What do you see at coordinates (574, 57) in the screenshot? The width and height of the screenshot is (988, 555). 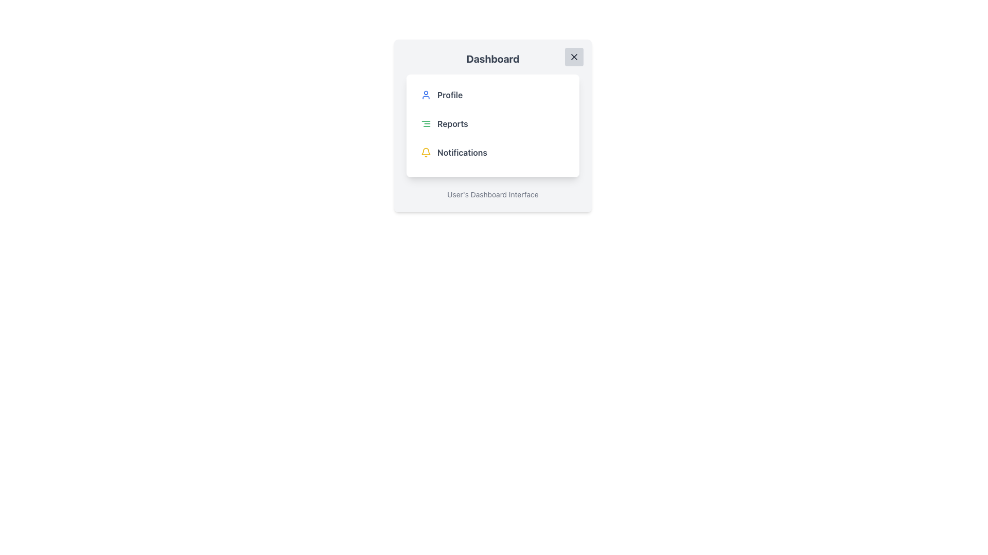 I see `the close or cancel icon located in the top-right corner of the card titled 'Dashboard'` at bounding box center [574, 57].